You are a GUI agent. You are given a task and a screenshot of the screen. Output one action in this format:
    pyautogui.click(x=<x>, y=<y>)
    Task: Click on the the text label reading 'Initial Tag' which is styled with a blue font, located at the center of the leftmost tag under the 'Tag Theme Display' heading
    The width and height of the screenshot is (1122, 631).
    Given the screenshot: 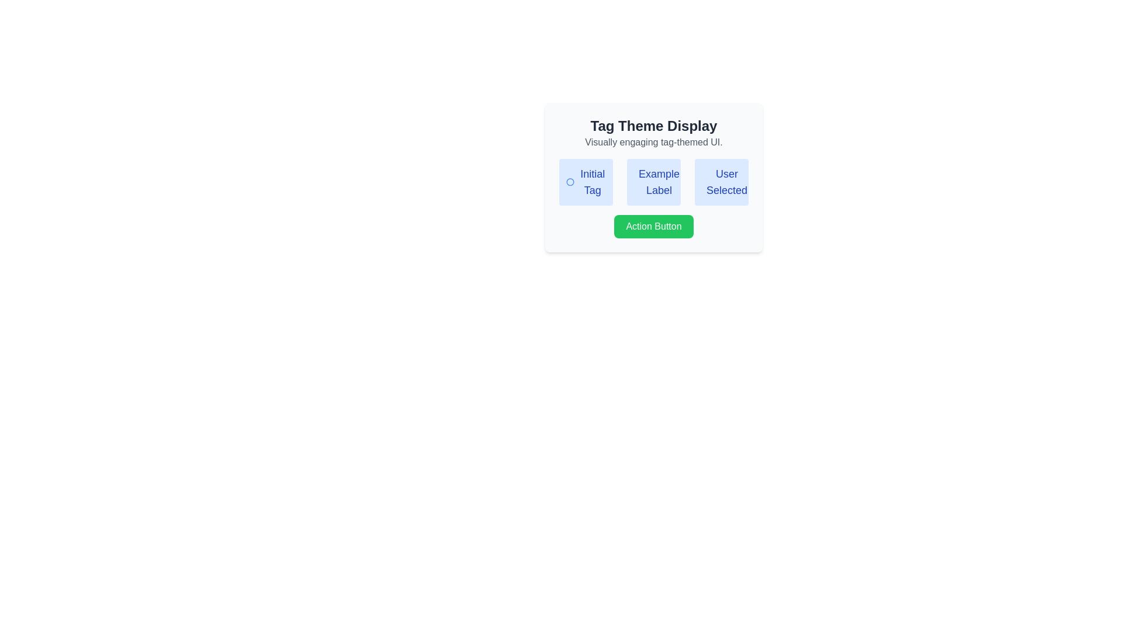 What is the action you would take?
    pyautogui.click(x=593, y=182)
    